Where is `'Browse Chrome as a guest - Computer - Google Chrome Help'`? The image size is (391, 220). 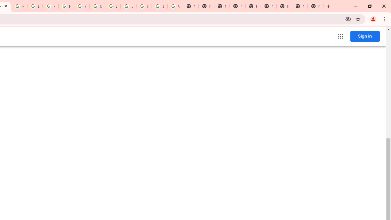
'Browse Chrome as a guest - Computer - Google Chrome Help' is located at coordinates (97, 6).